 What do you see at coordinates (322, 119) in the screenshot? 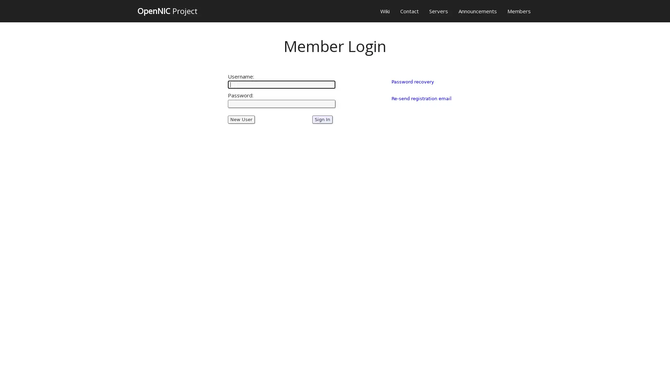
I see `Sign In` at bounding box center [322, 119].